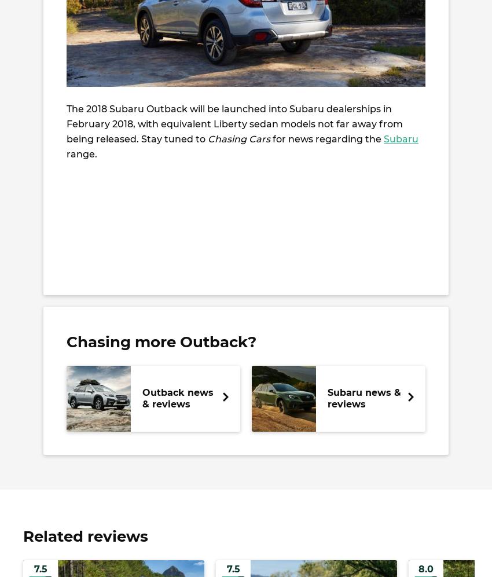 The width and height of the screenshot is (492, 577). I want to click on 'Related reviews', so click(85, 536).